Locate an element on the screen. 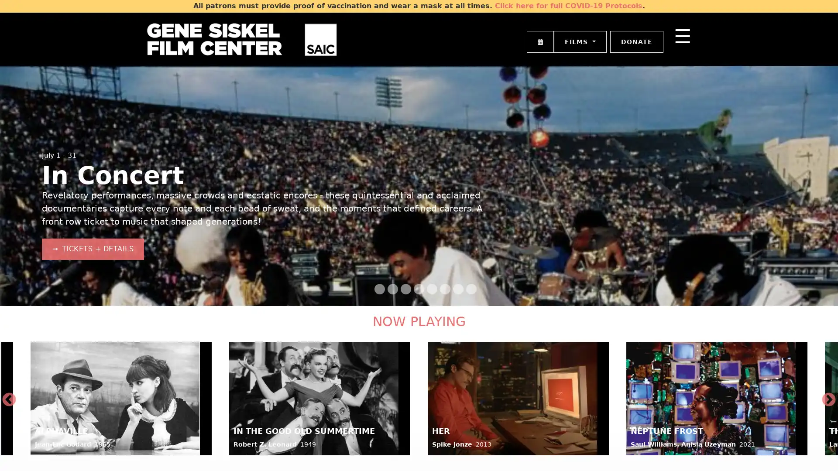  DONATE is located at coordinates (637, 41).